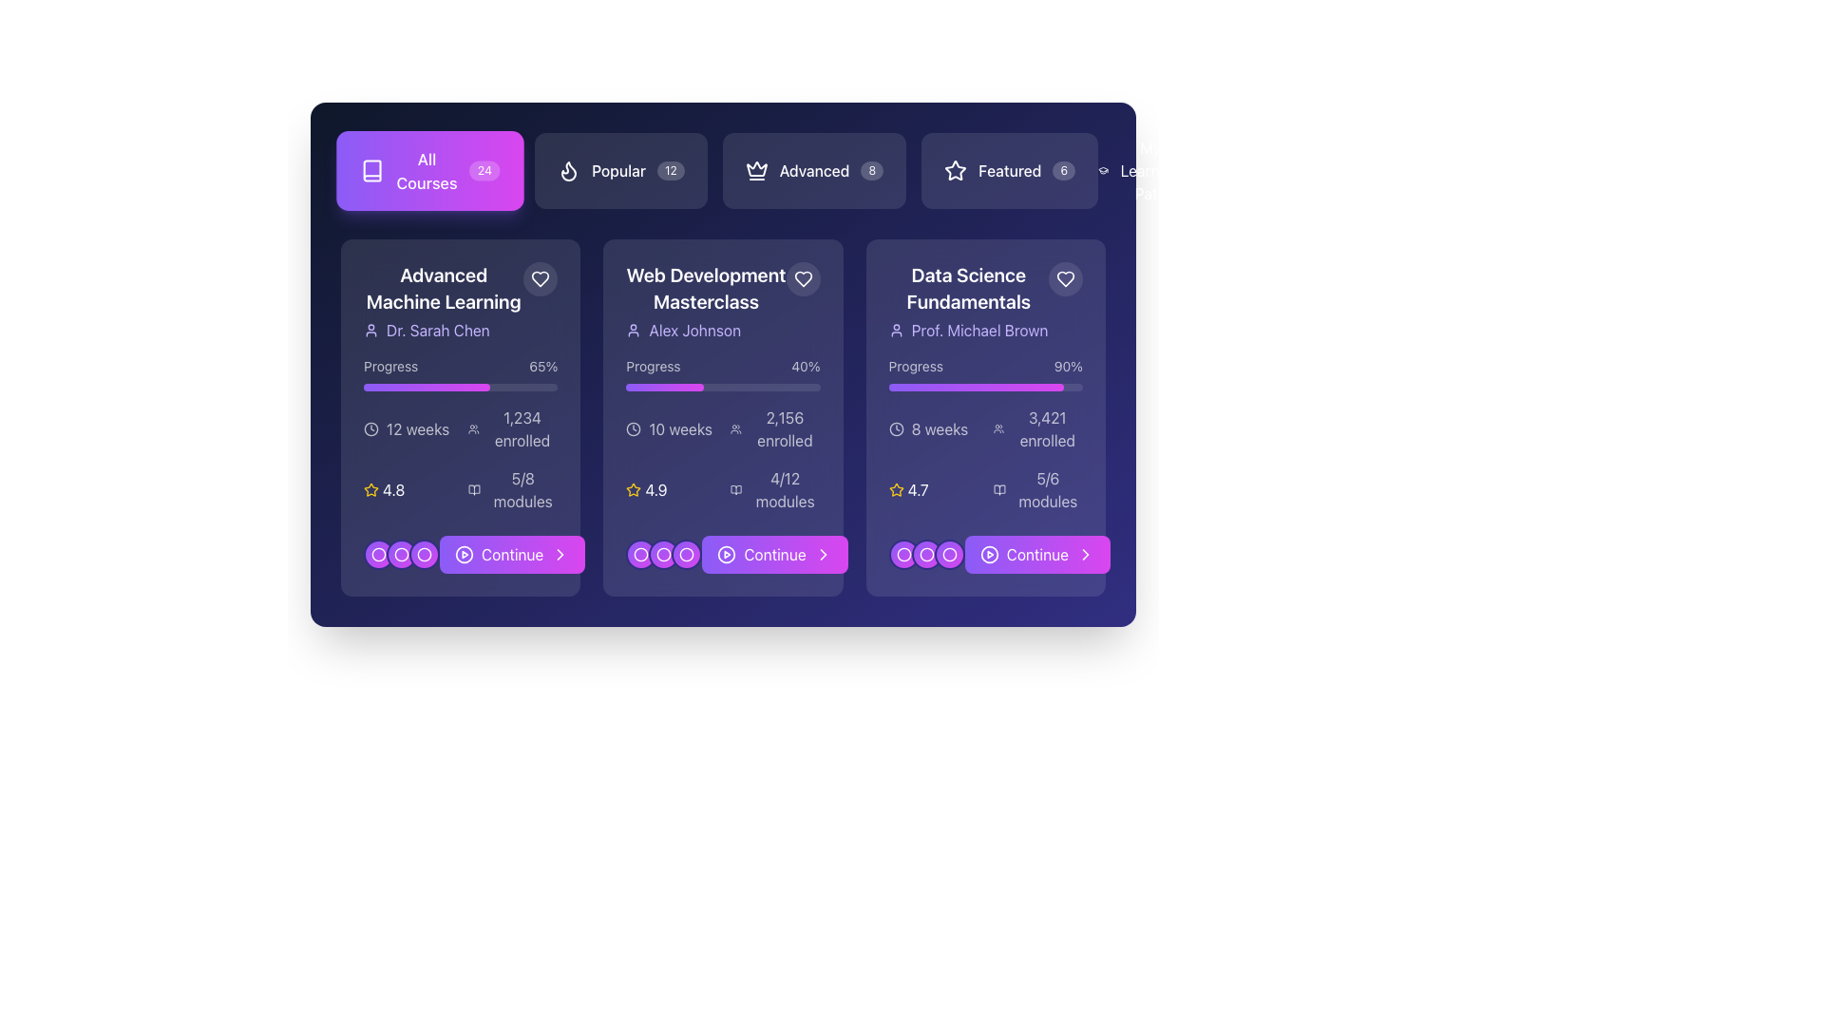  What do you see at coordinates (902, 554) in the screenshot?
I see `the decorative or functional icon located at the bottom of the rightmost card in a row of three cards, among a cluster of circular icons` at bounding box center [902, 554].